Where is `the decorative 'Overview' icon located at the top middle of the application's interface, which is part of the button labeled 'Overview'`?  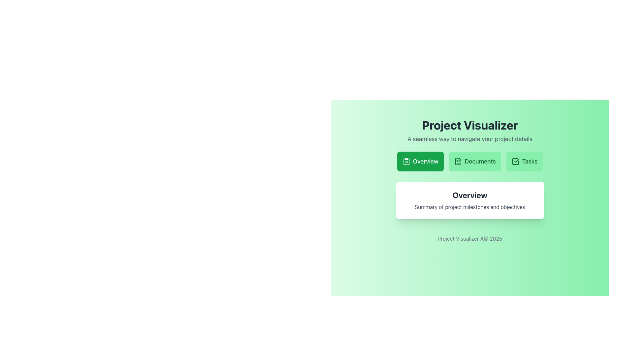 the decorative 'Overview' icon located at the top middle of the application's interface, which is part of the button labeled 'Overview' is located at coordinates (406, 162).